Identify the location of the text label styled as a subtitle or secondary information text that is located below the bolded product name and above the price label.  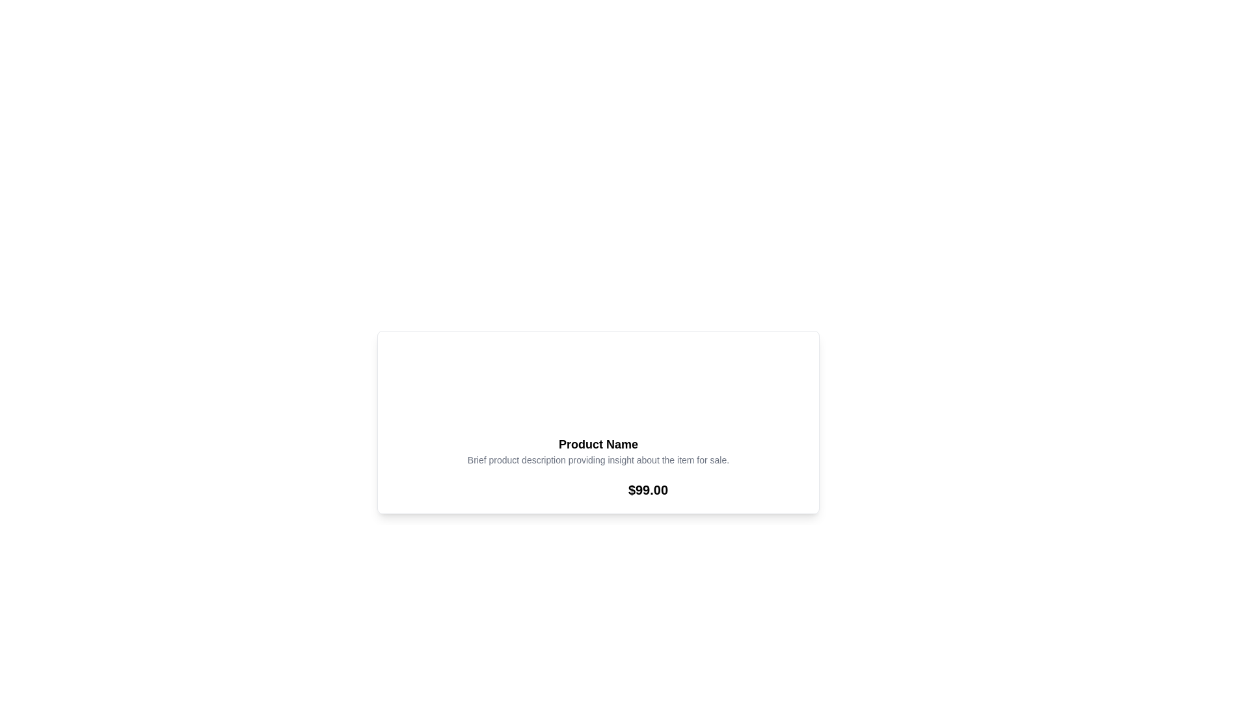
(598, 460).